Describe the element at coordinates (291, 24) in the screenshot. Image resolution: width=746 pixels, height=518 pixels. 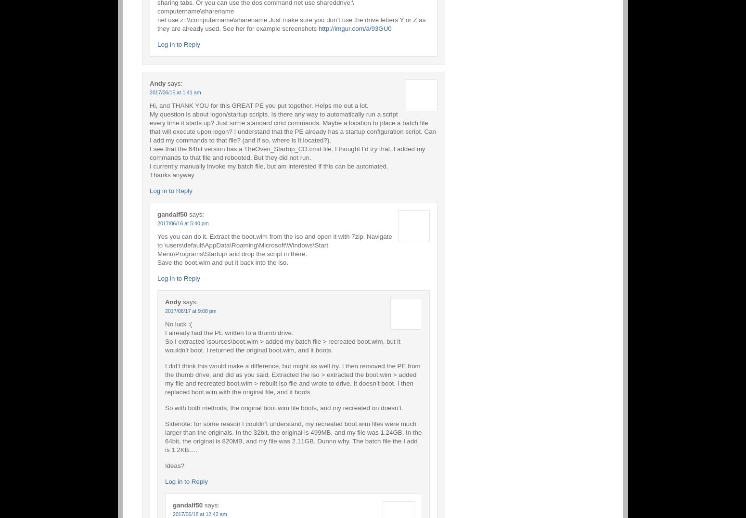
I see `'net use z: \\computername\sharename Just make sure you don’t use the drive letters Y or Z as they are already used. See her for example screenshots'` at that location.